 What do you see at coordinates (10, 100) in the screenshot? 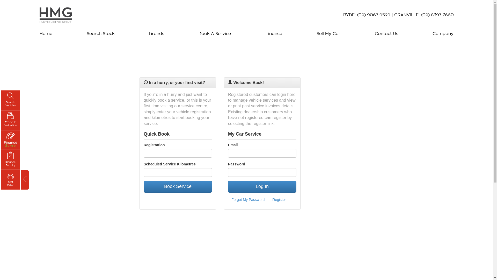
I see `'Search` at bounding box center [10, 100].